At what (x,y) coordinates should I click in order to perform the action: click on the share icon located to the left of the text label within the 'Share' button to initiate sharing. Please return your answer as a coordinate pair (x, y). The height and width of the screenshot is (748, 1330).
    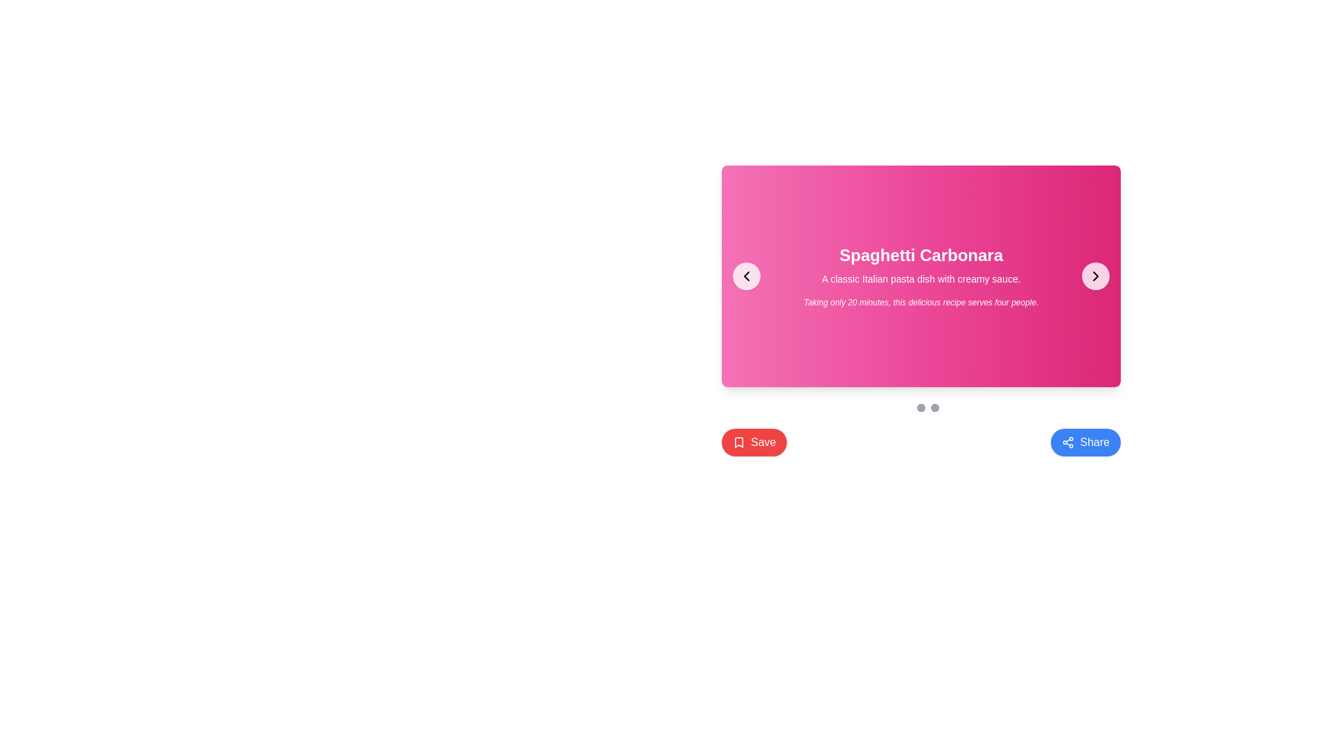
    Looking at the image, I should click on (1067, 443).